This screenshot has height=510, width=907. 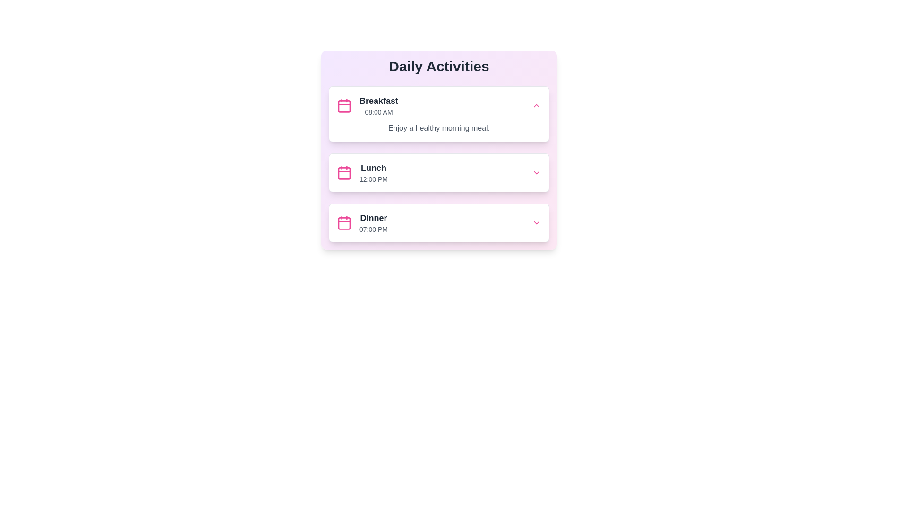 I want to click on the rounded rectangle icon component within the calendar icon, which has a pink border and no filler text or graphics, so click(x=344, y=173).